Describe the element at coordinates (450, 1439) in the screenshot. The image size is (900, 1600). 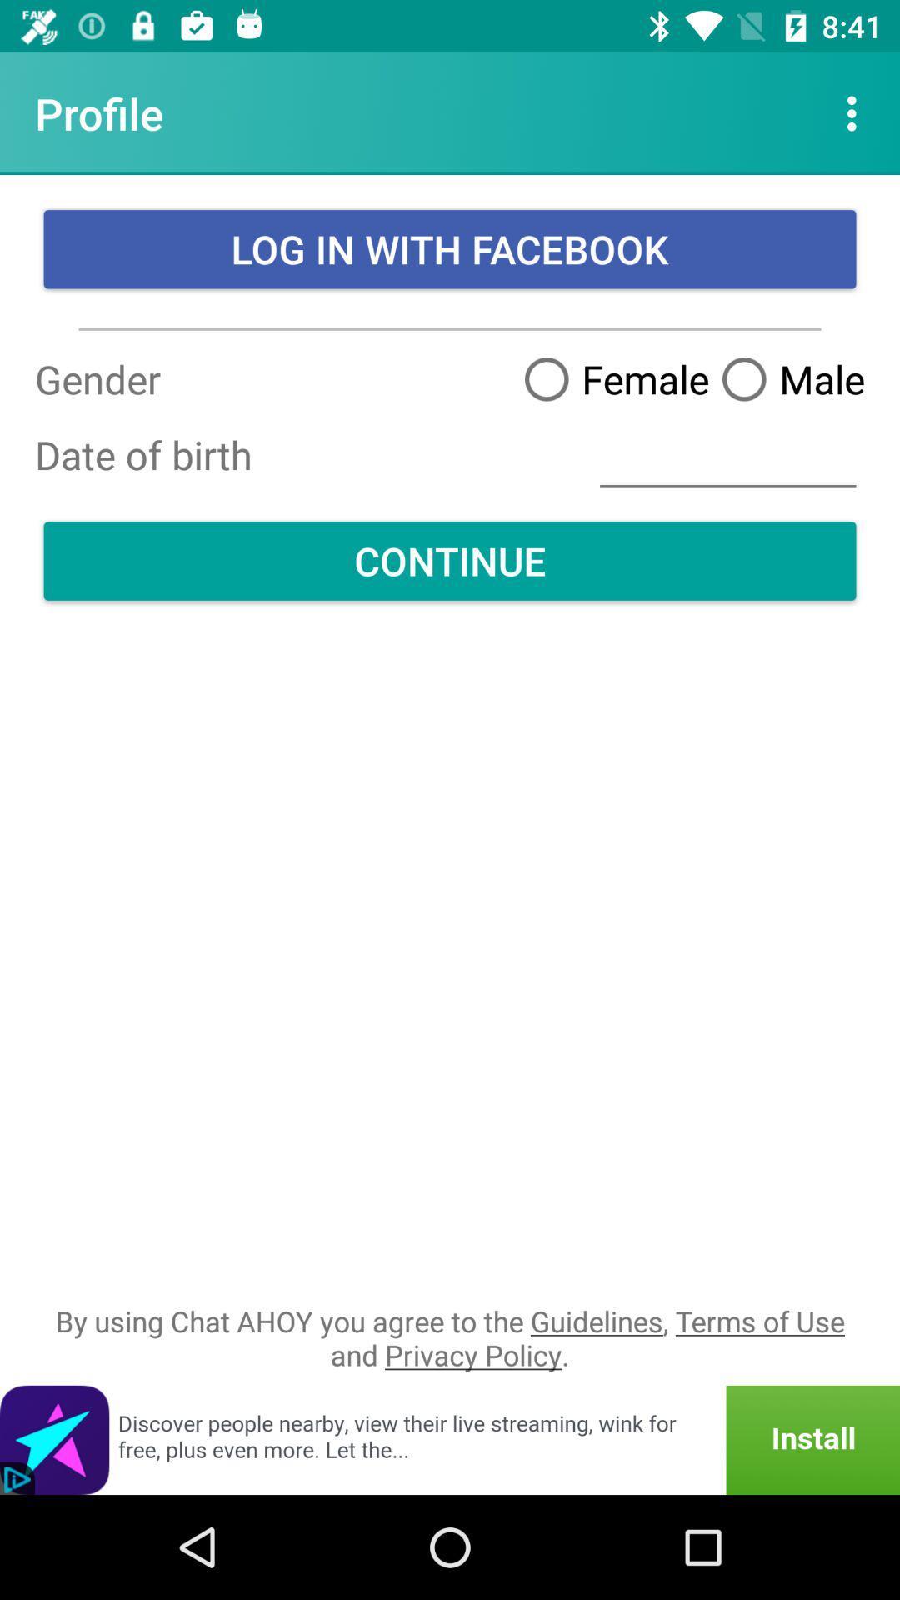
I see `item below by using chat icon` at that location.